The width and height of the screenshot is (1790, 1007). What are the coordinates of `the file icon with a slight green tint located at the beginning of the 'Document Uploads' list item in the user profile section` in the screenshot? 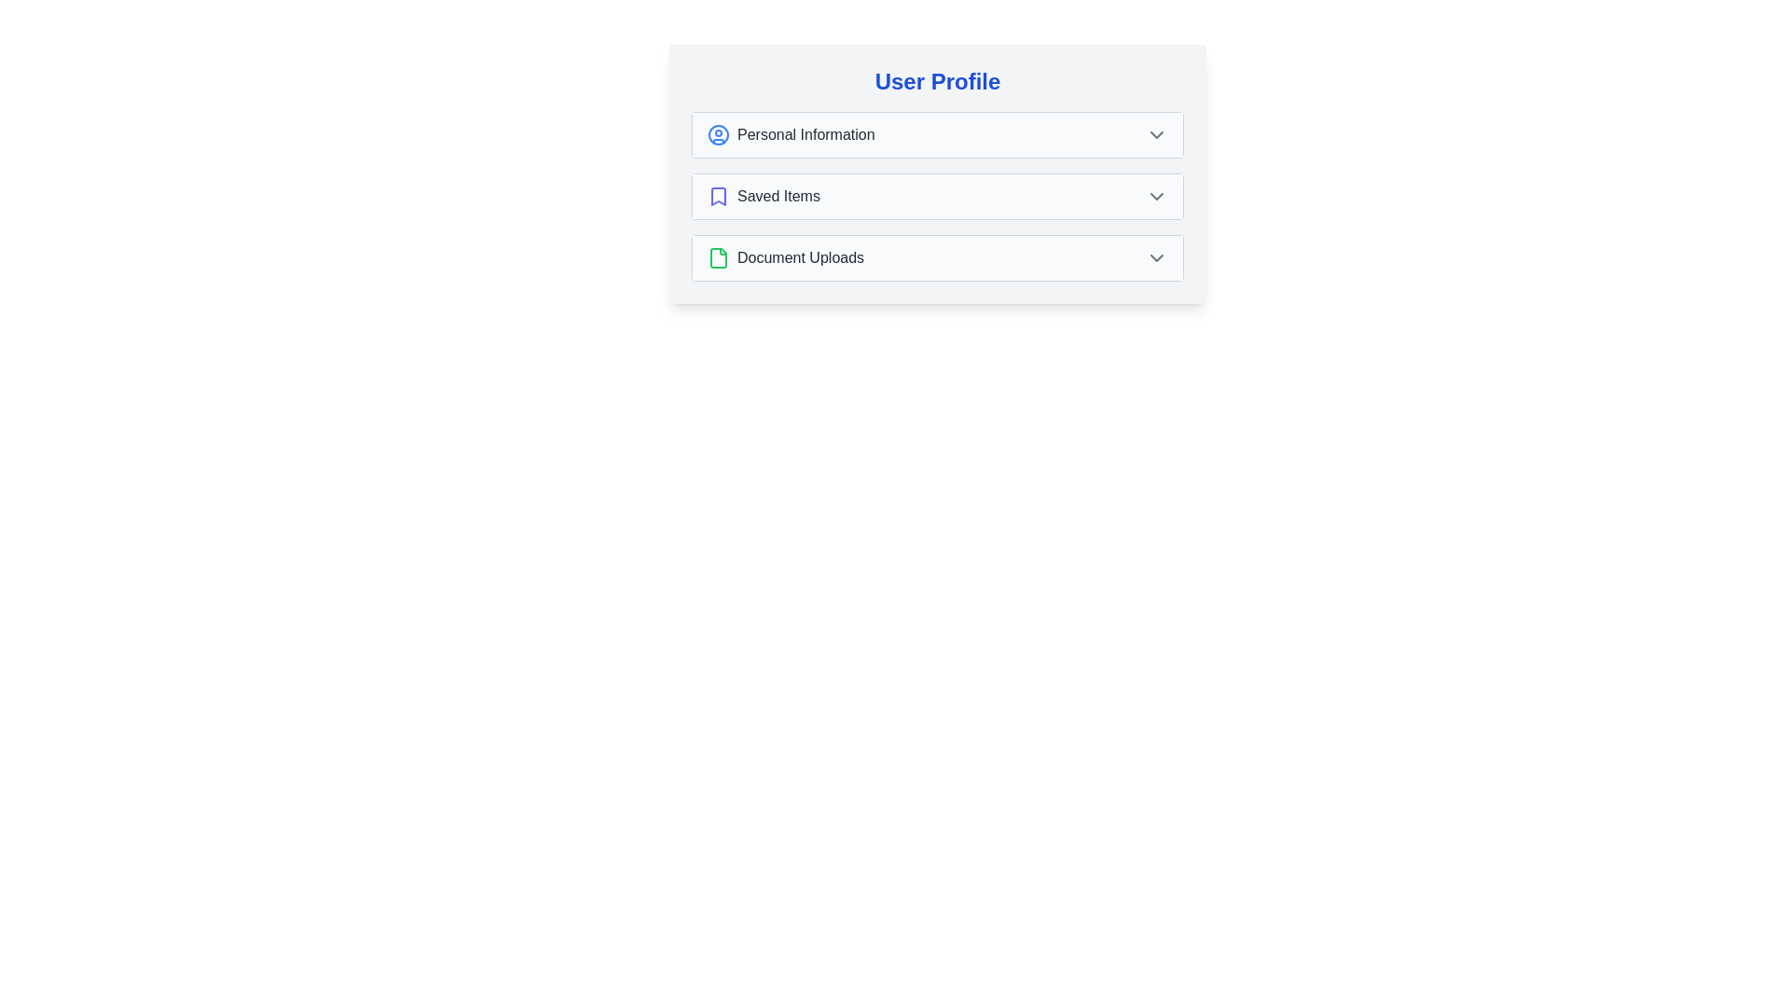 It's located at (718, 258).